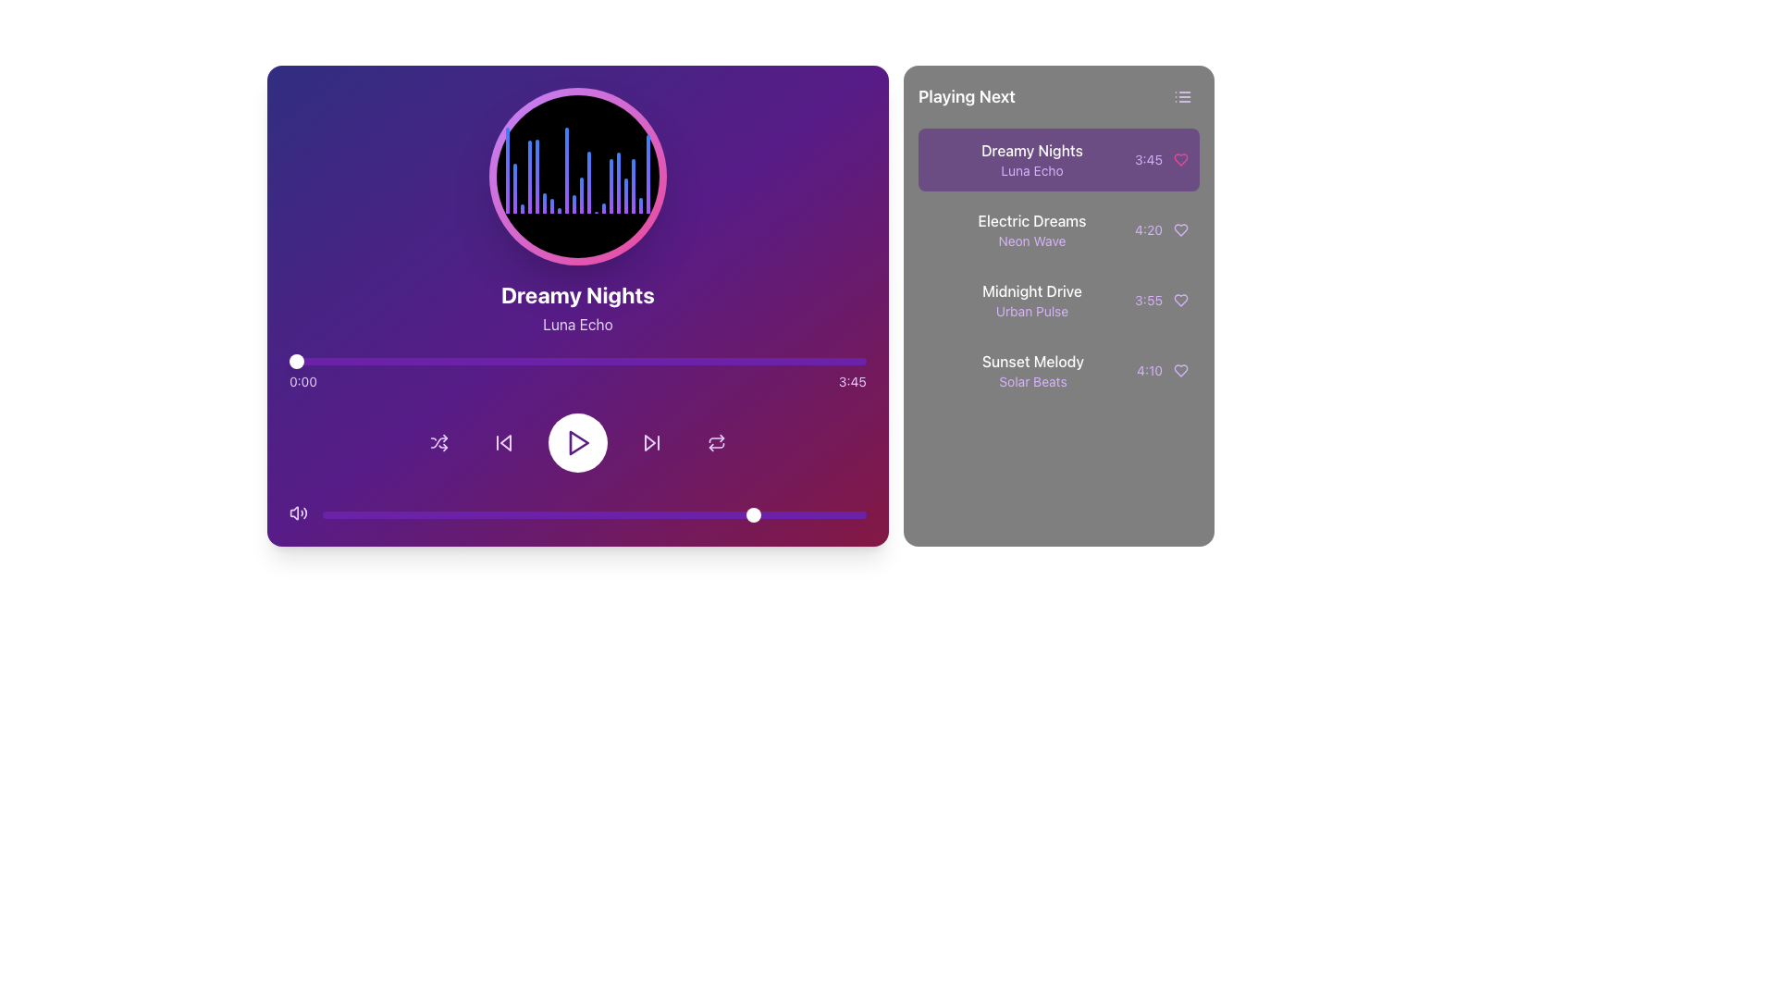 This screenshot has height=999, width=1776. I want to click on the text label element reading 'Midnight Drive' which is part of a song listing in the 'Playing Next' section of the music player interface, so click(1031, 291).